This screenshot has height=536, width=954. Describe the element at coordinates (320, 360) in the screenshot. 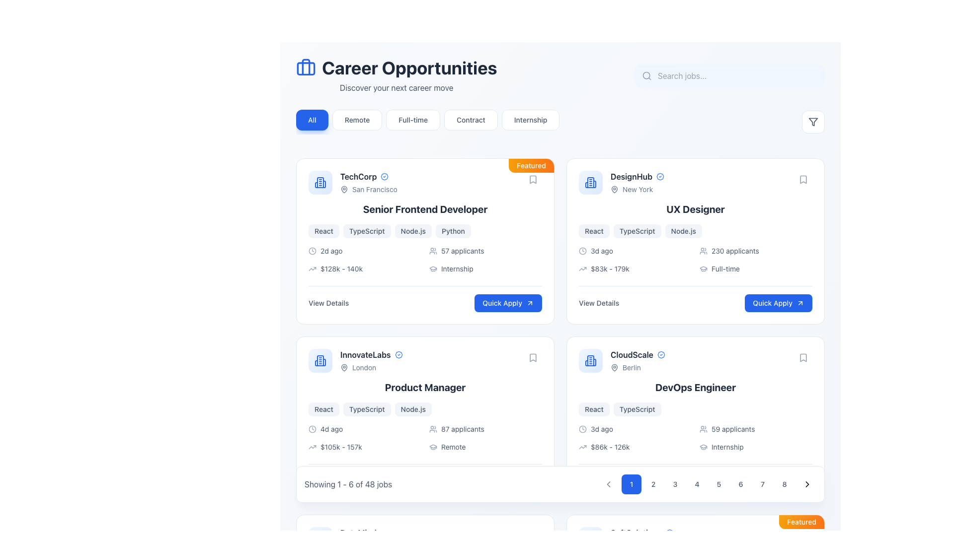

I see `icon representing the company or organization associated with the job listing for 'InnovateLabs' located above the text 'London' and 'Product Manager'` at that location.